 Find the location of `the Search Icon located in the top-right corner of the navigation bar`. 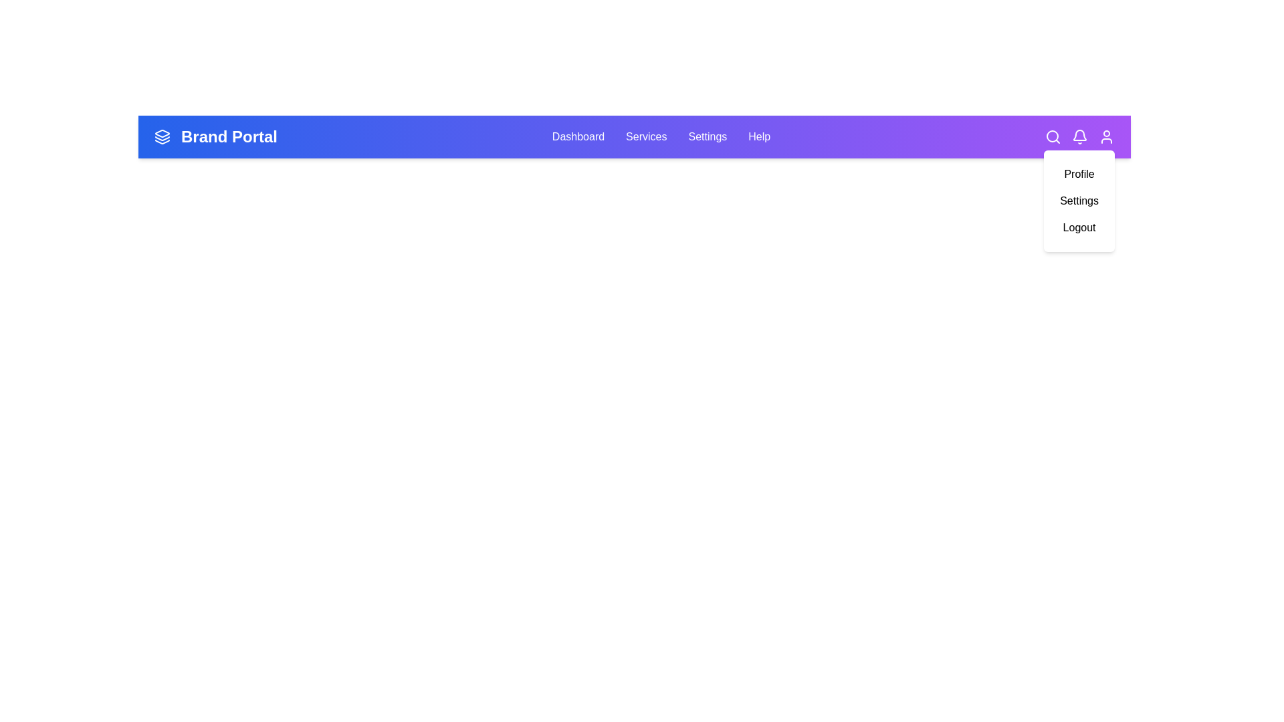

the Search Icon located in the top-right corner of the navigation bar is located at coordinates (1052, 136).